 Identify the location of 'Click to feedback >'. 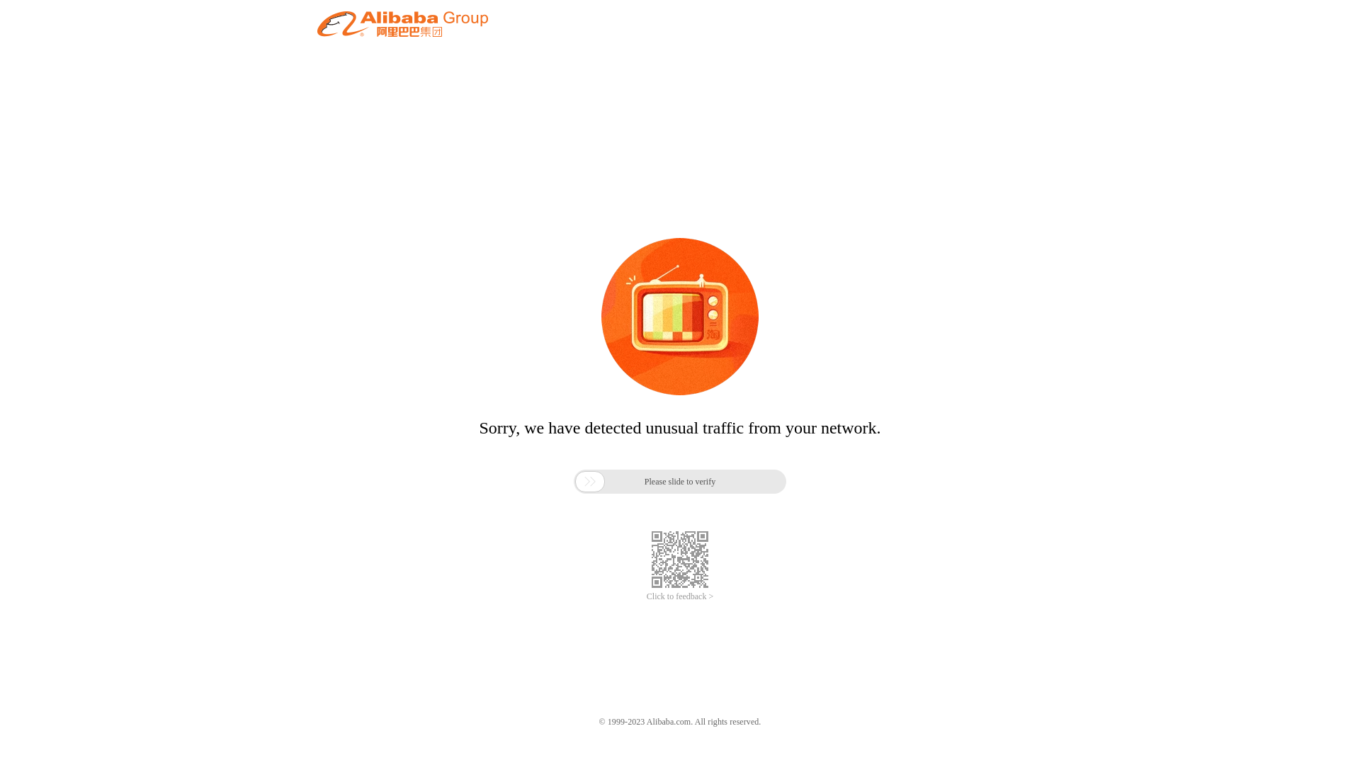
(645, 596).